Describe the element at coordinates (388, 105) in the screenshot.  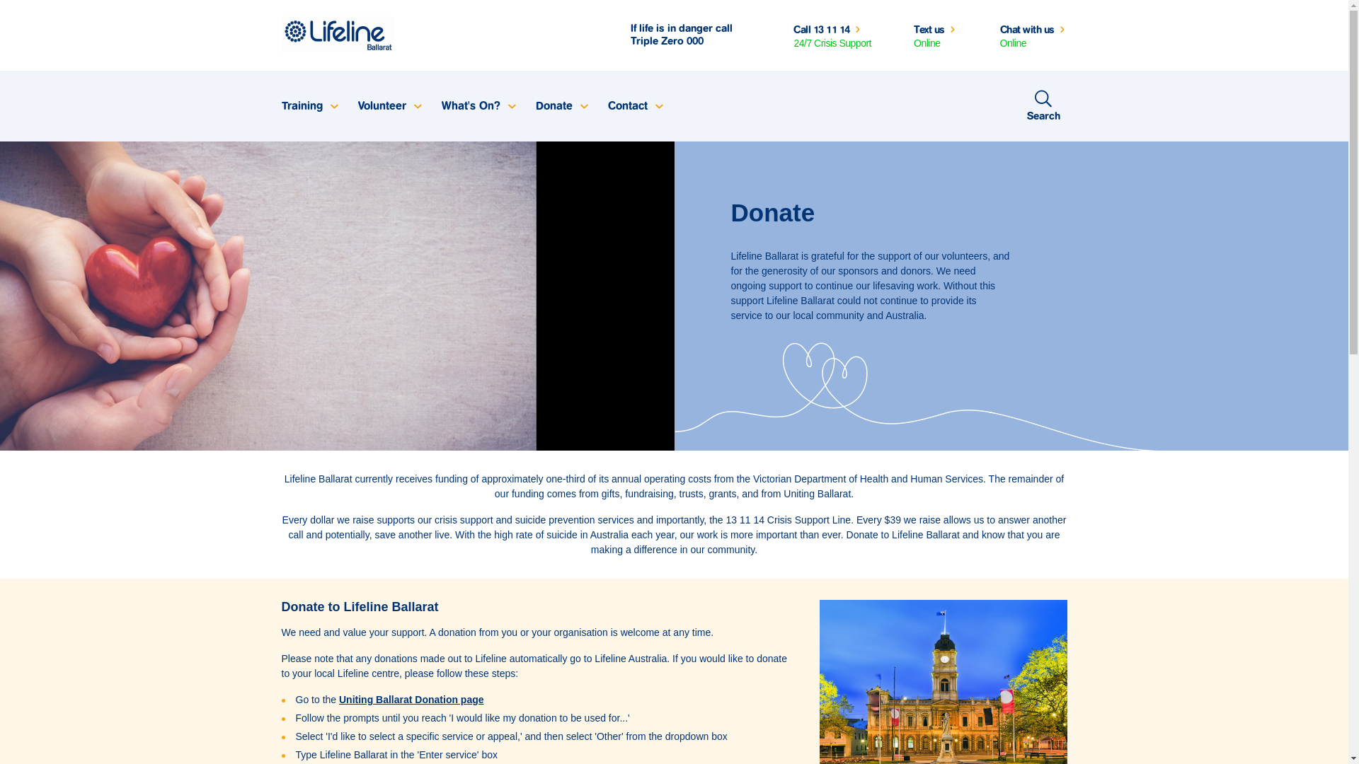
I see `'Volunteer'` at that location.